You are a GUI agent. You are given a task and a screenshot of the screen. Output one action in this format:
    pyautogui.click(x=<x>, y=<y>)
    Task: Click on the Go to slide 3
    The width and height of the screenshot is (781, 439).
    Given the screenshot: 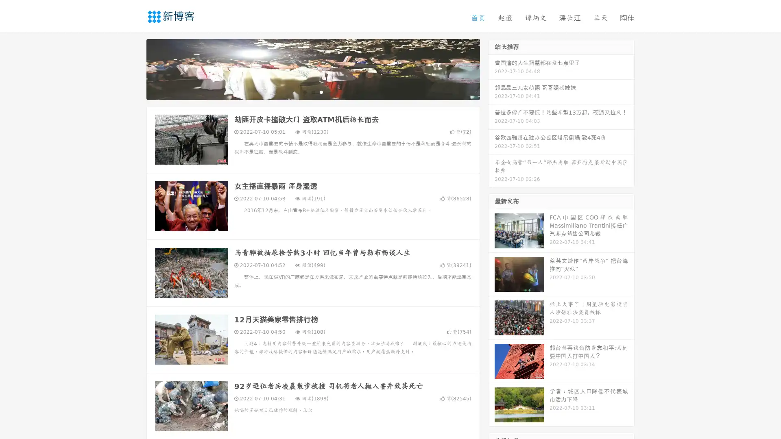 What is the action you would take?
    pyautogui.click(x=321, y=91)
    